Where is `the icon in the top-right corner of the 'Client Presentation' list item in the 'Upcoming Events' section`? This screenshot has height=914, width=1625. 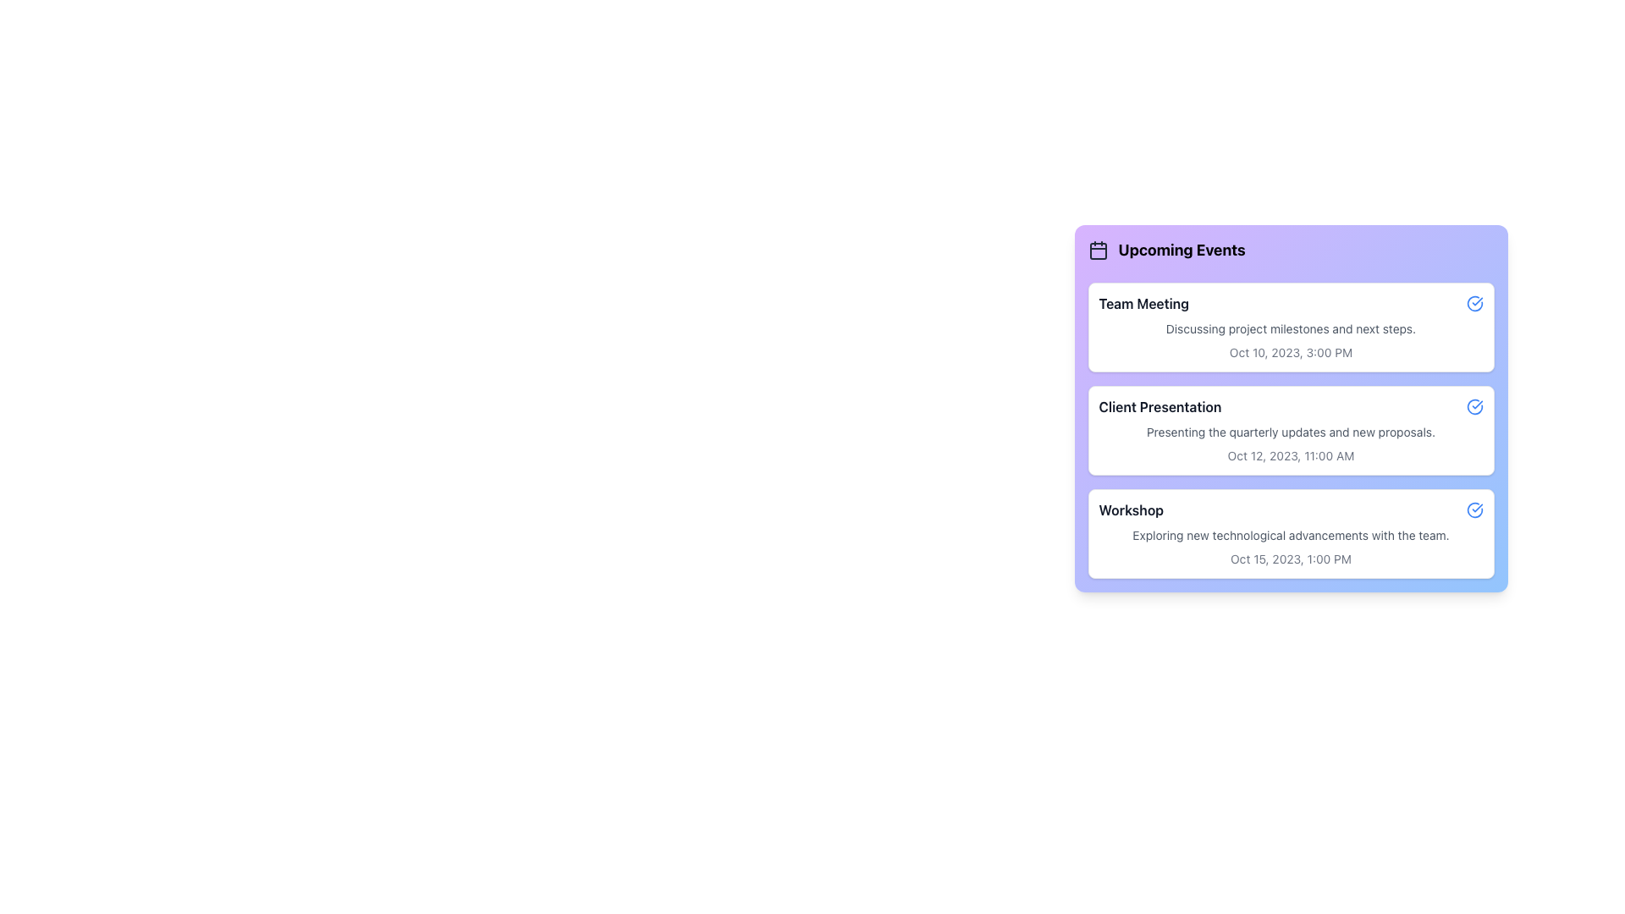
the icon in the top-right corner of the 'Client Presentation' list item in the 'Upcoming Events' section is located at coordinates (1474, 405).